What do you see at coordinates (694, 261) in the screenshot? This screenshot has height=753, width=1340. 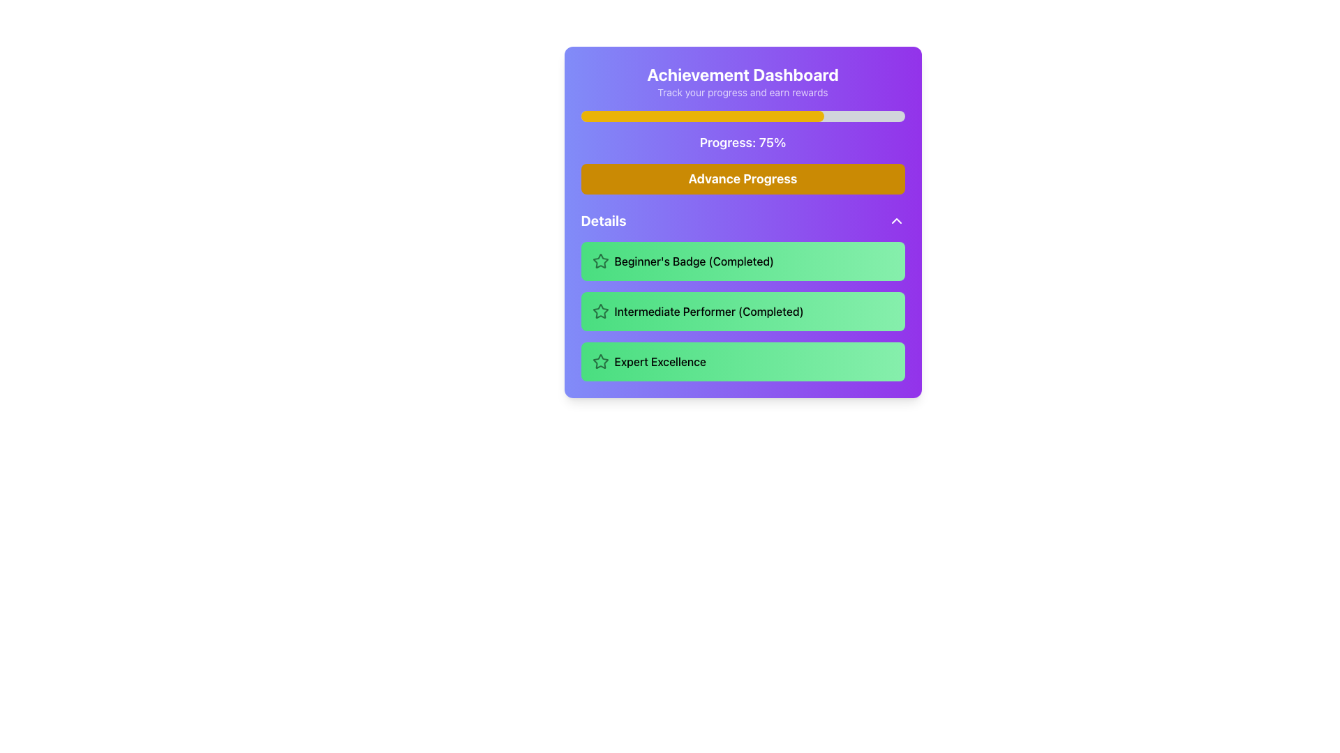 I see `the Text Label that displays the completed achievement badge, located on a green rectangular field underneath the 'Details' section` at bounding box center [694, 261].